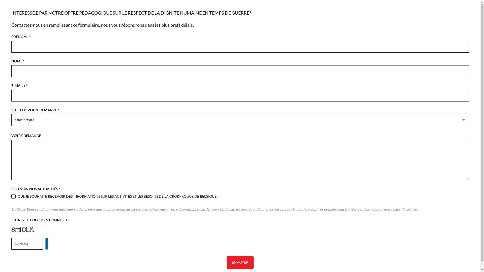  I want to click on 'ENVOYER', so click(240, 262).